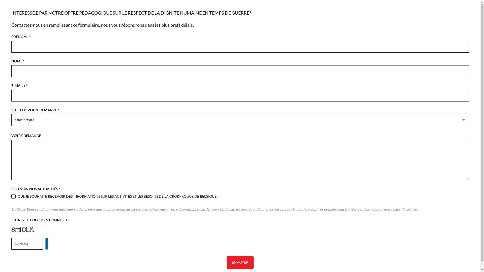  I want to click on 'ENVOYER', so click(240, 262).